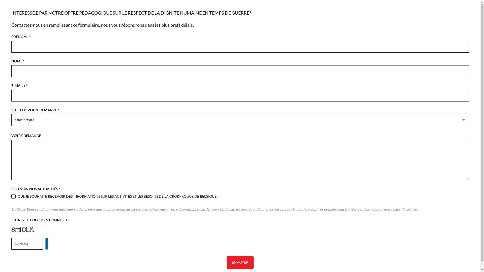  I want to click on 'ENVOYER', so click(240, 262).